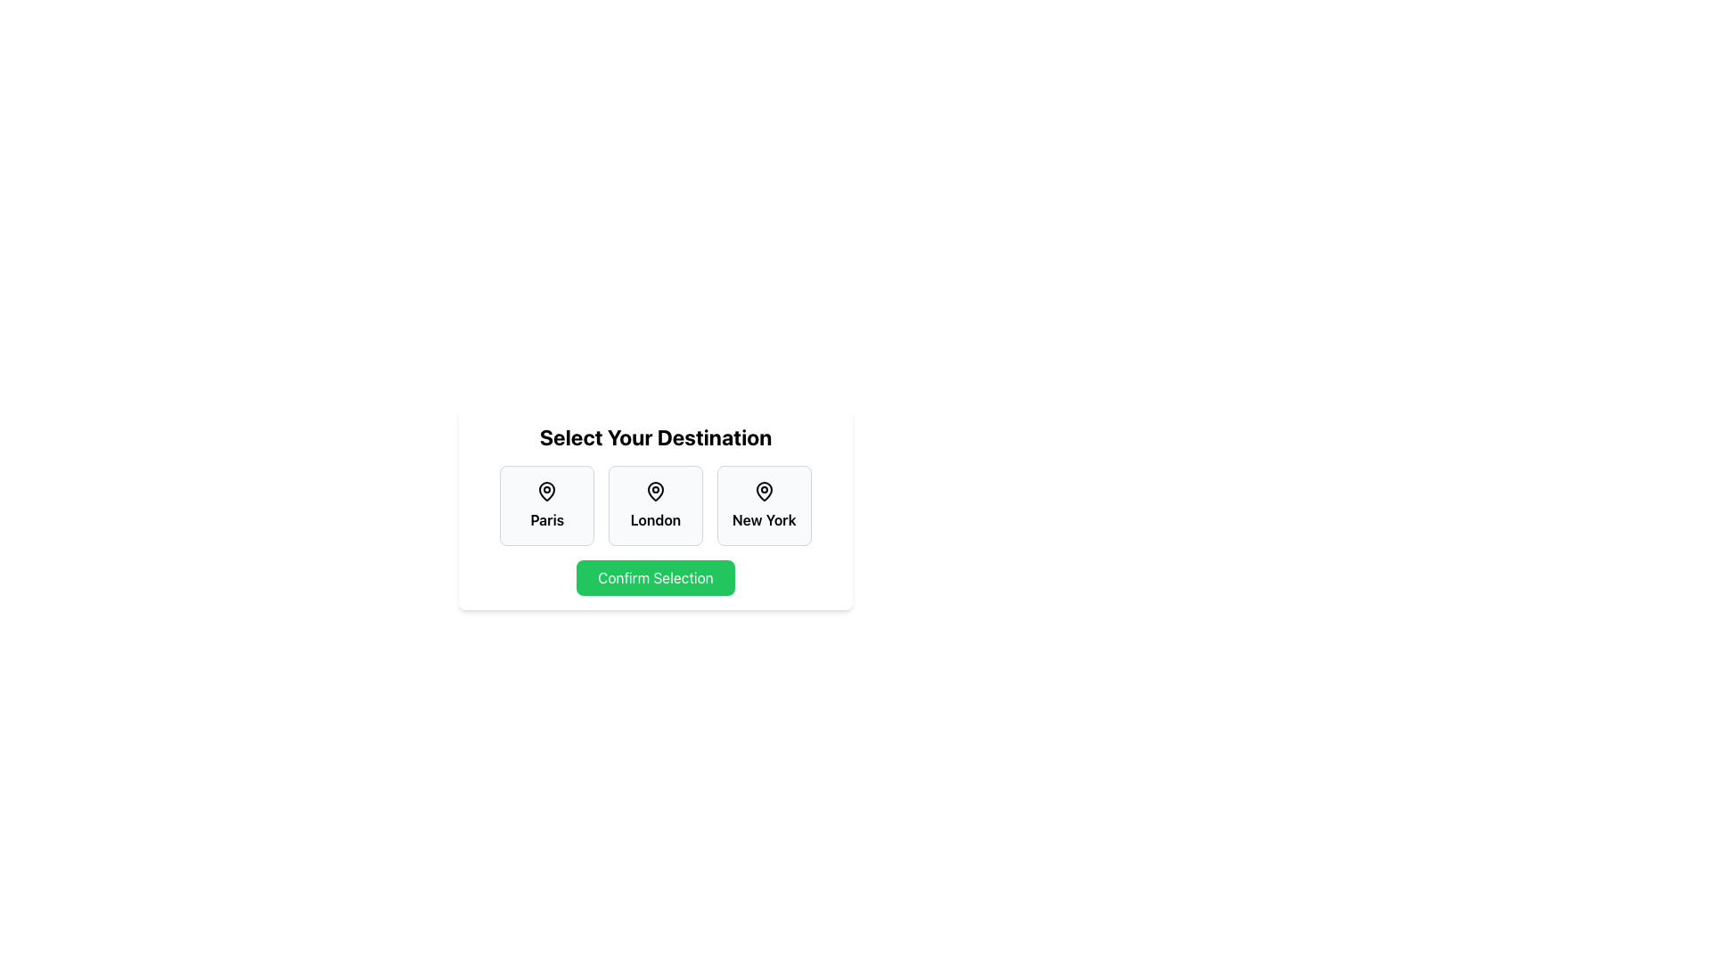 Image resolution: width=1711 pixels, height=962 pixels. Describe the element at coordinates (546, 491) in the screenshot. I see `the location icon representing 'Paris', which is centered in the upper half of the leftmost card in a row of three cards` at that location.